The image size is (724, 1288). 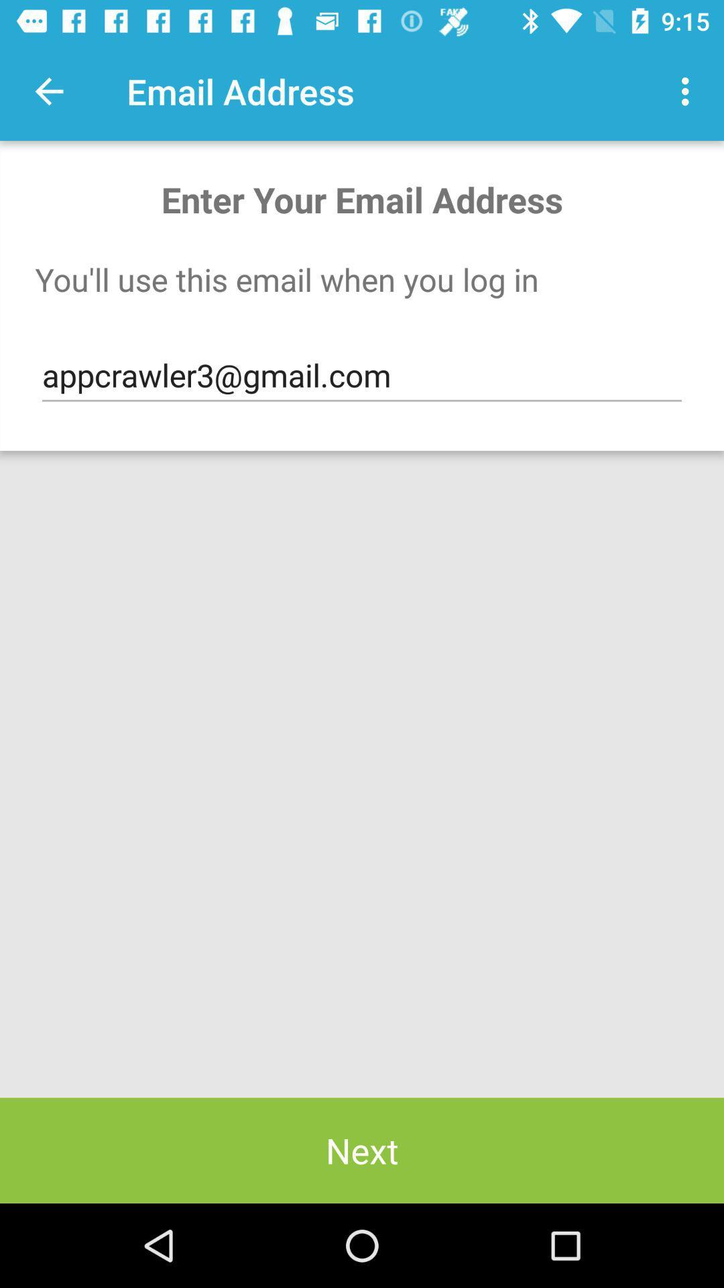 What do you see at coordinates (688, 91) in the screenshot?
I see `the icon next to email address icon` at bounding box center [688, 91].